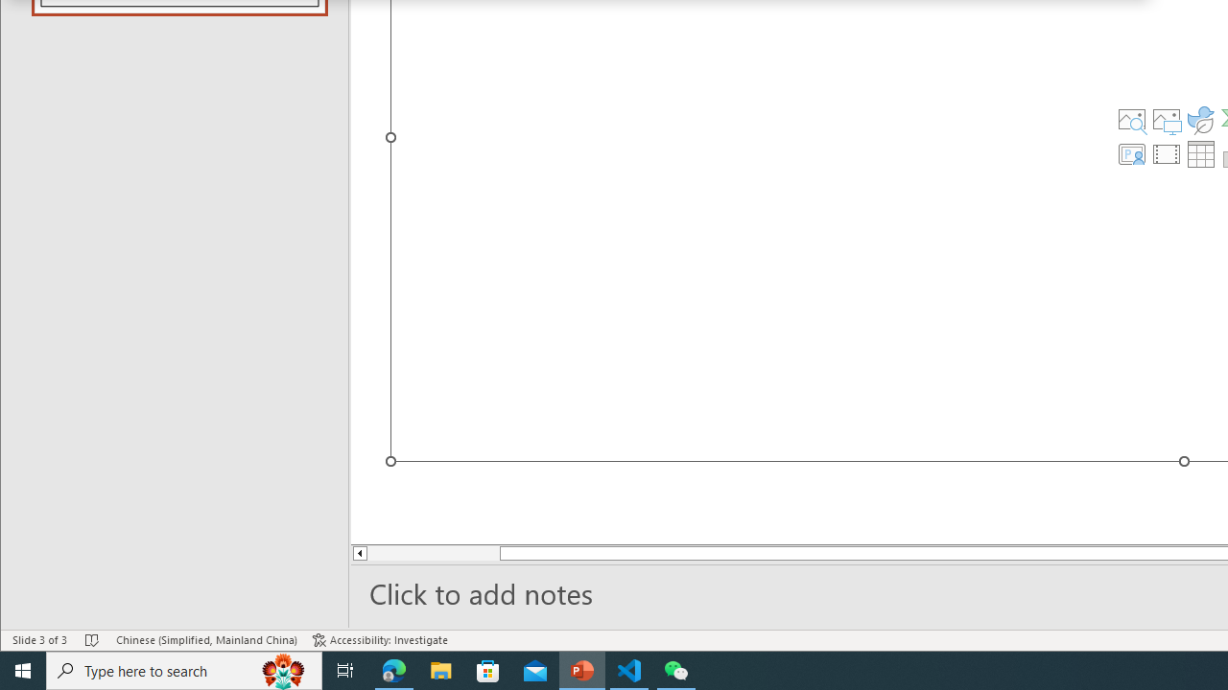  I want to click on 'WeChat - 1 running window', so click(676, 669).